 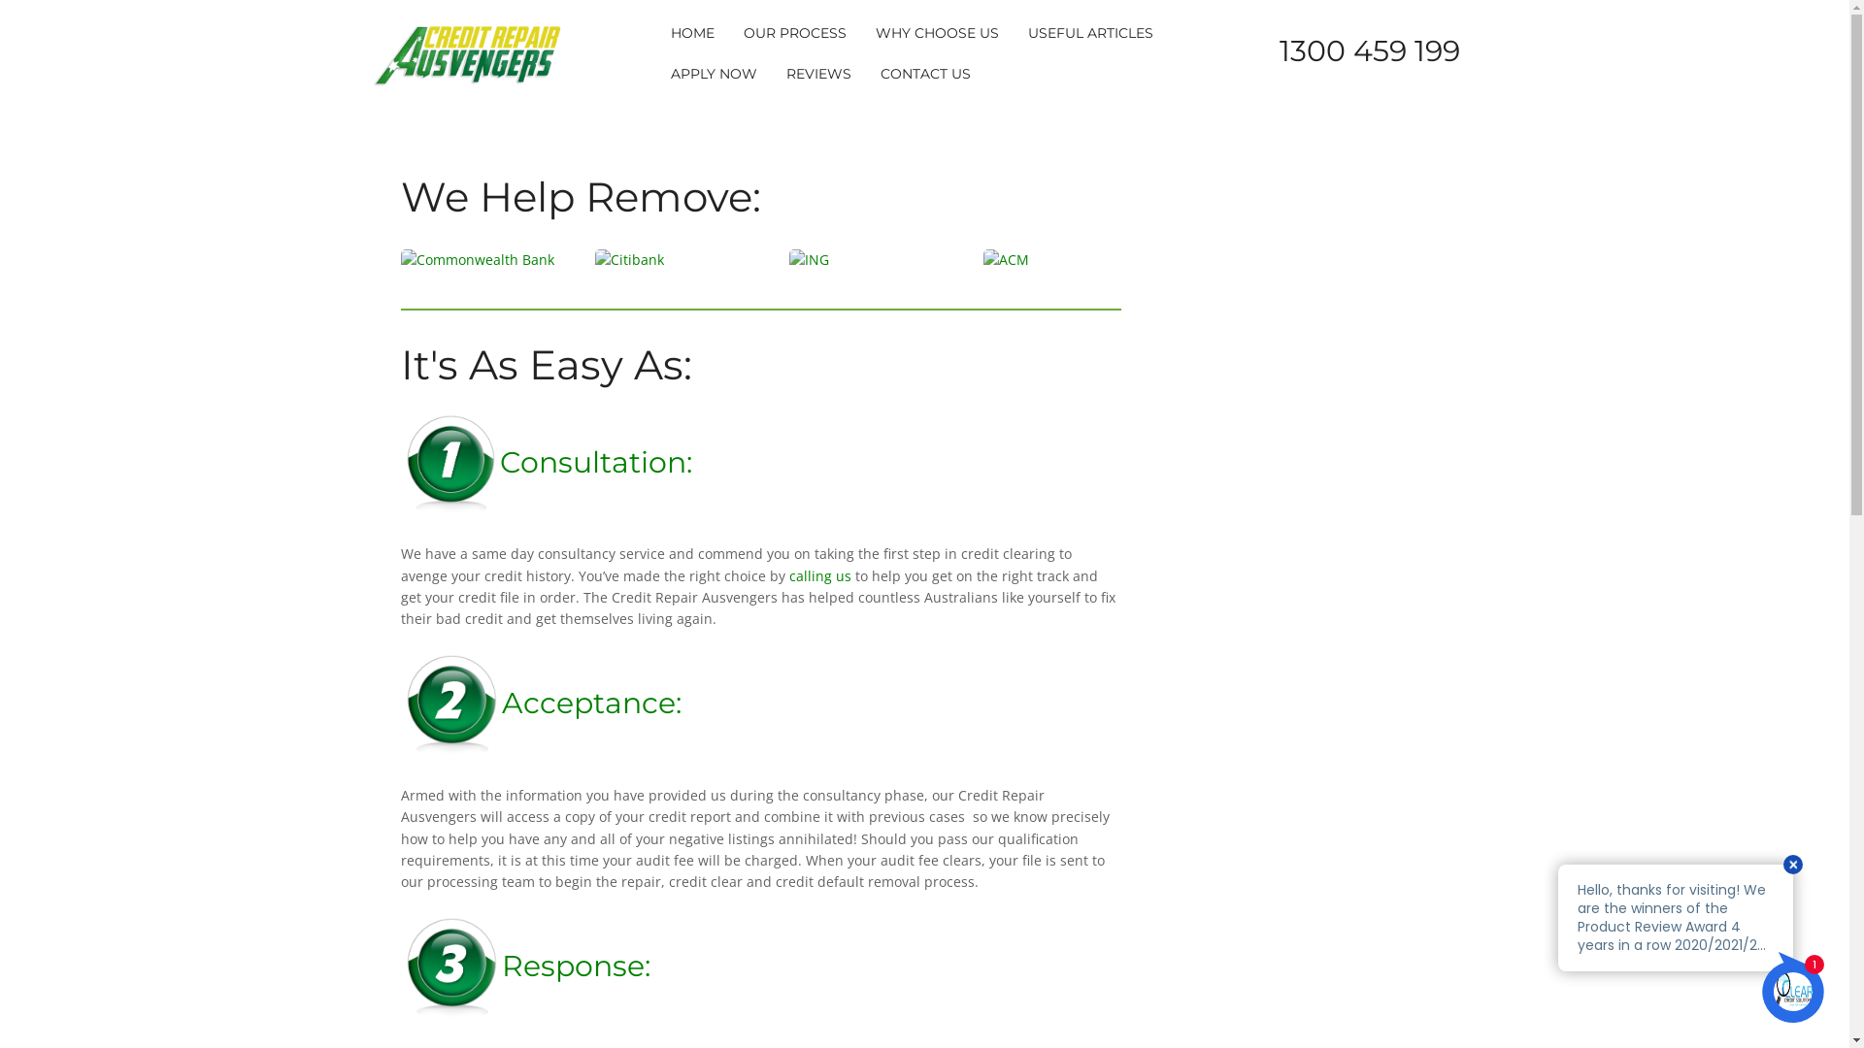 What do you see at coordinates (924, 73) in the screenshot?
I see `'CONTACT US'` at bounding box center [924, 73].